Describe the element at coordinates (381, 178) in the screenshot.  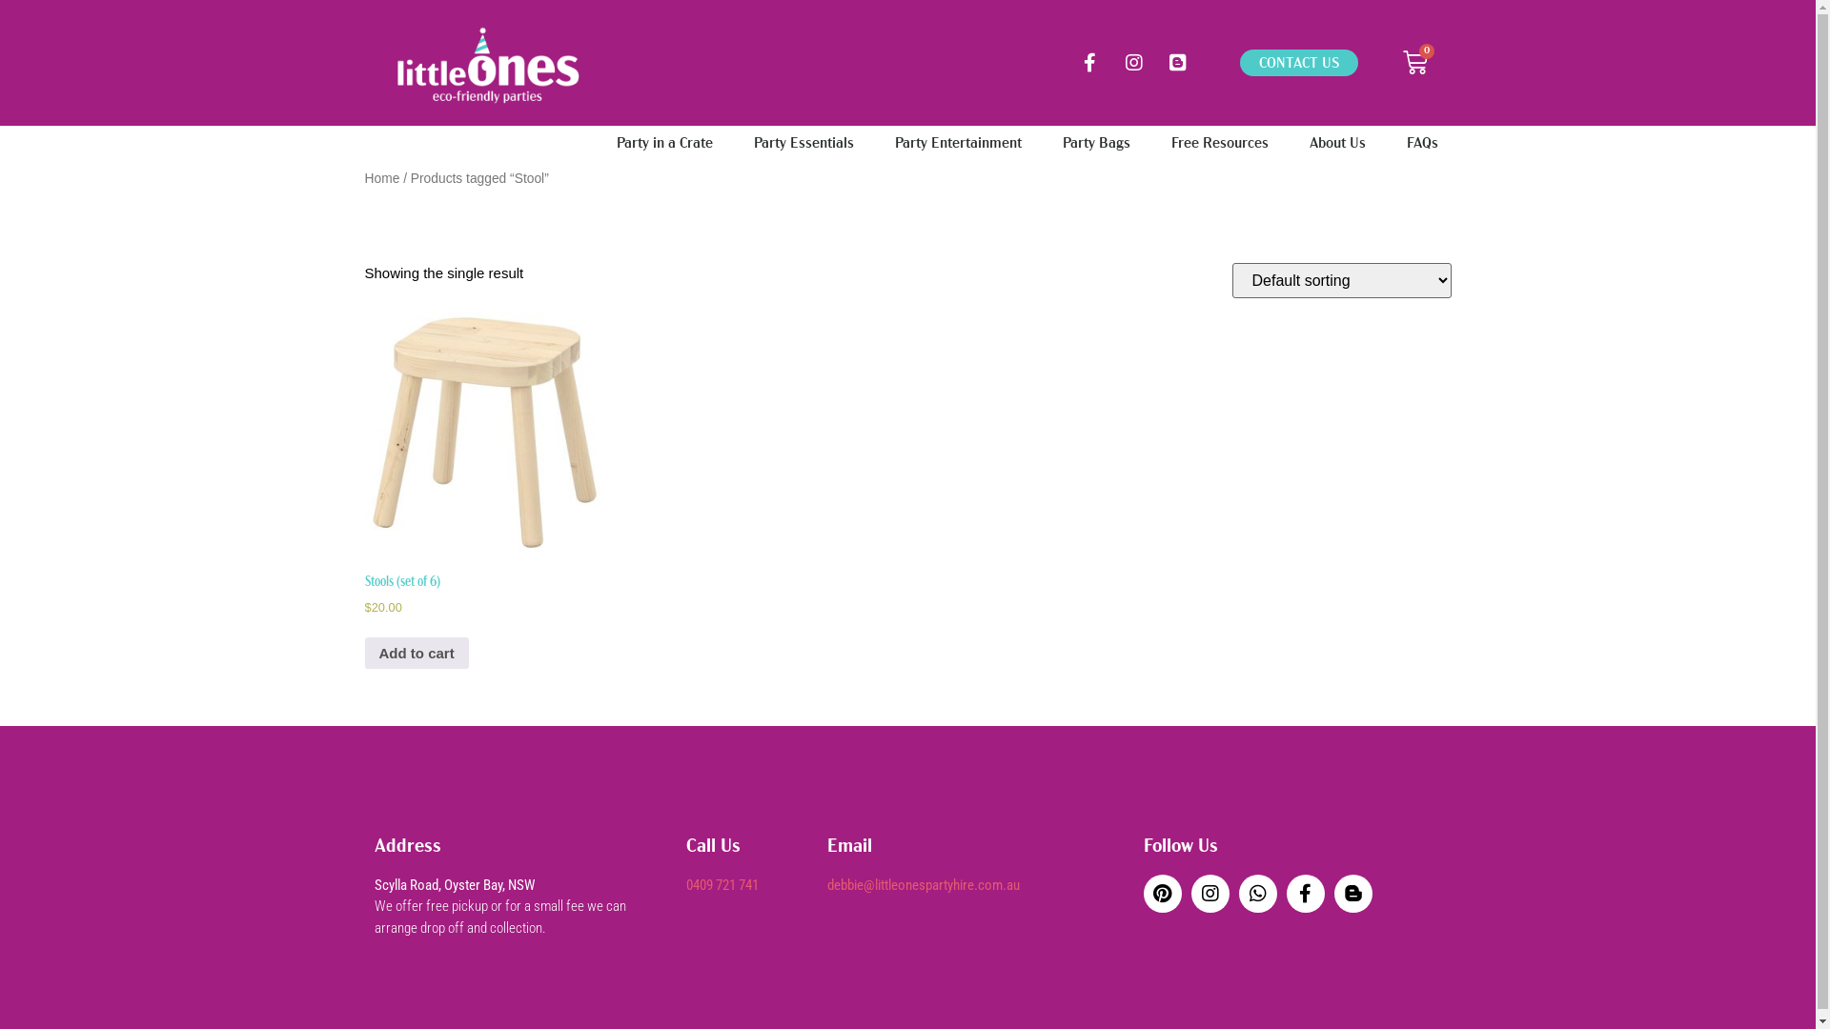
I see `'Home'` at that location.